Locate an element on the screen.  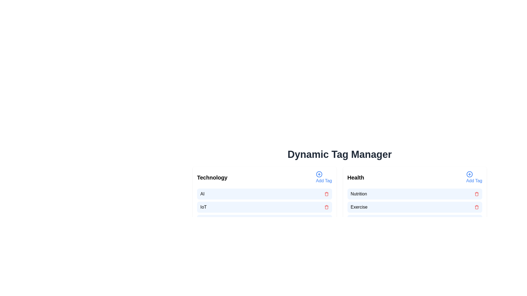
the icon button located in the top-right corner of the 'Health' card is located at coordinates (469, 174).